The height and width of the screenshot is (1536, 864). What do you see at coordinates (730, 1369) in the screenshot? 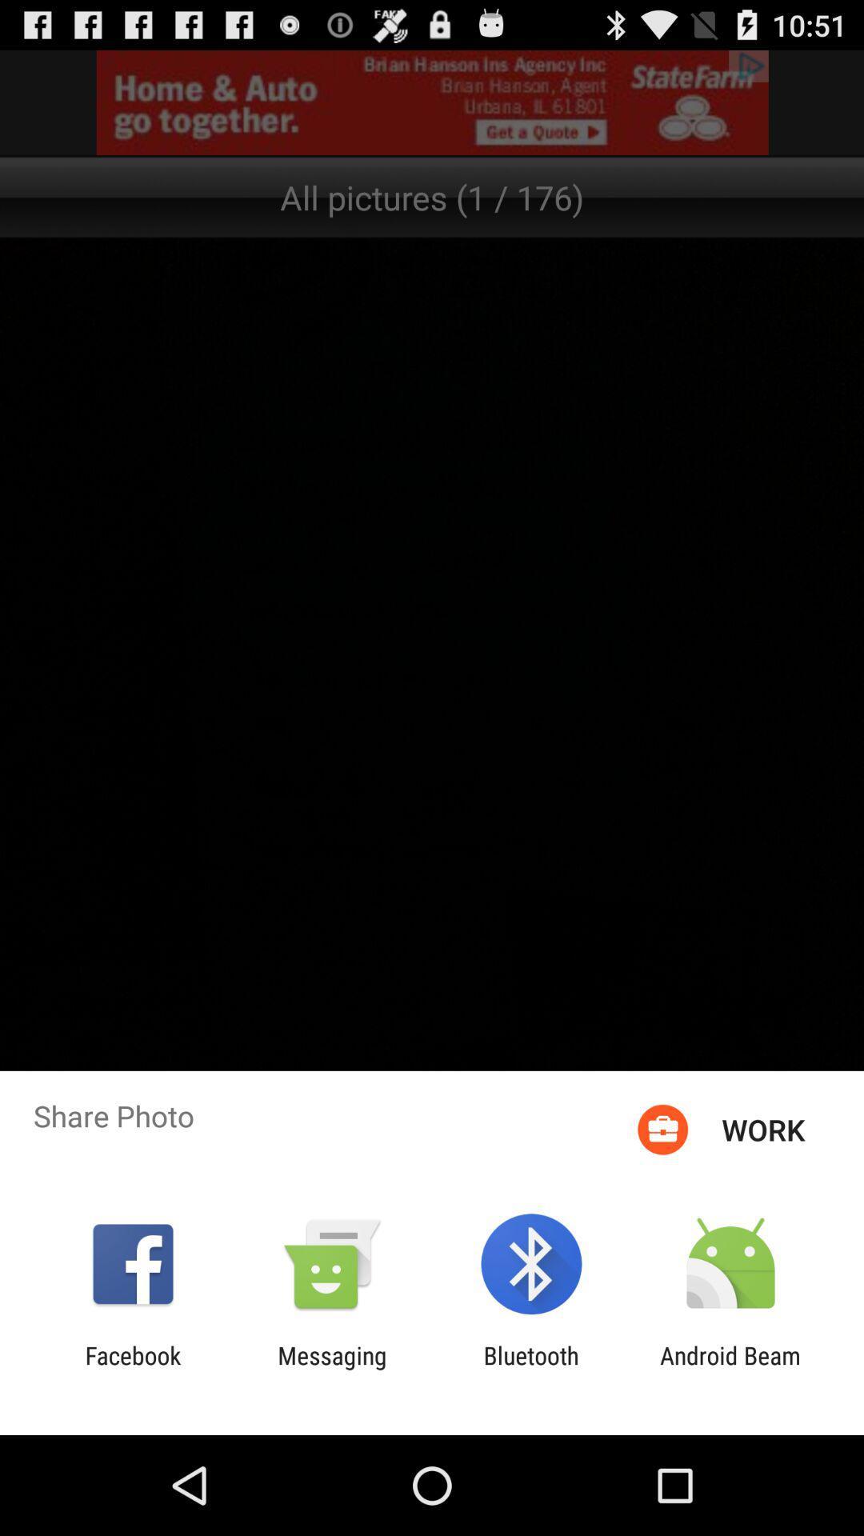
I see `the app next to bluetooth app` at bounding box center [730, 1369].